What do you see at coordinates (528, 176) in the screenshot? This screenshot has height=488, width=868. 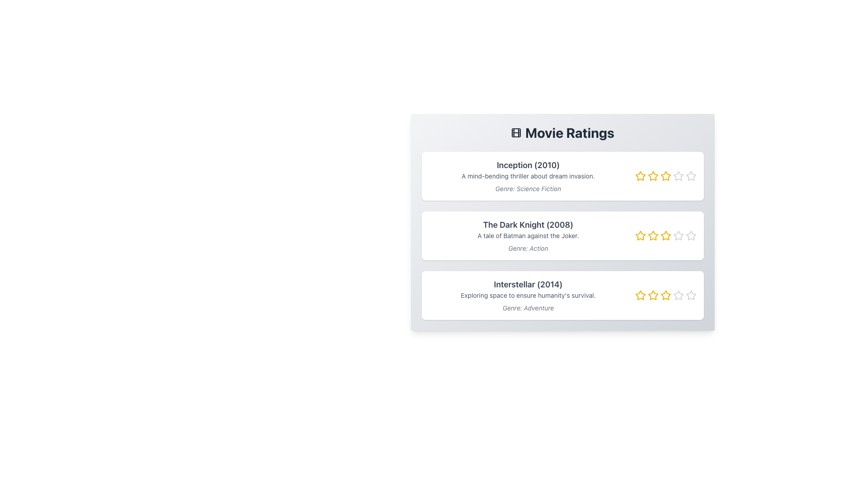 I see `the text label that provides a short description for the movie 'Inception (2010)', located below the title and above the genre information` at bounding box center [528, 176].